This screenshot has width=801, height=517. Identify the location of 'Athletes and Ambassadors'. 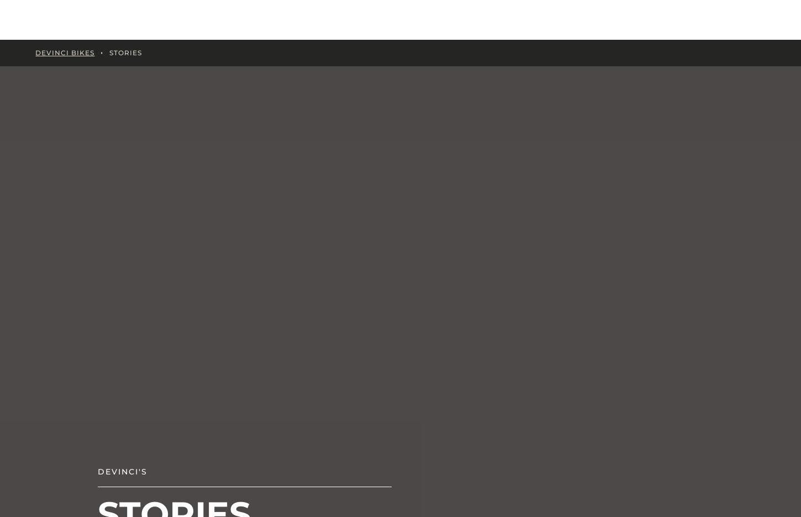
(688, 84).